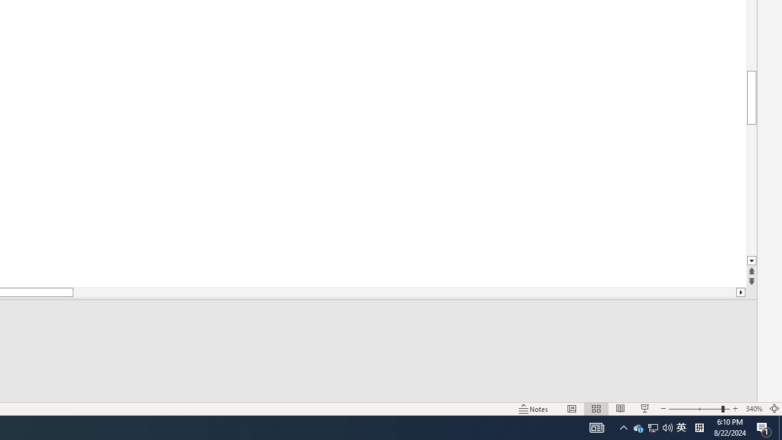  Describe the element at coordinates (596, 409) in the screenshot. I see `'Slide Sorter'` at that location.